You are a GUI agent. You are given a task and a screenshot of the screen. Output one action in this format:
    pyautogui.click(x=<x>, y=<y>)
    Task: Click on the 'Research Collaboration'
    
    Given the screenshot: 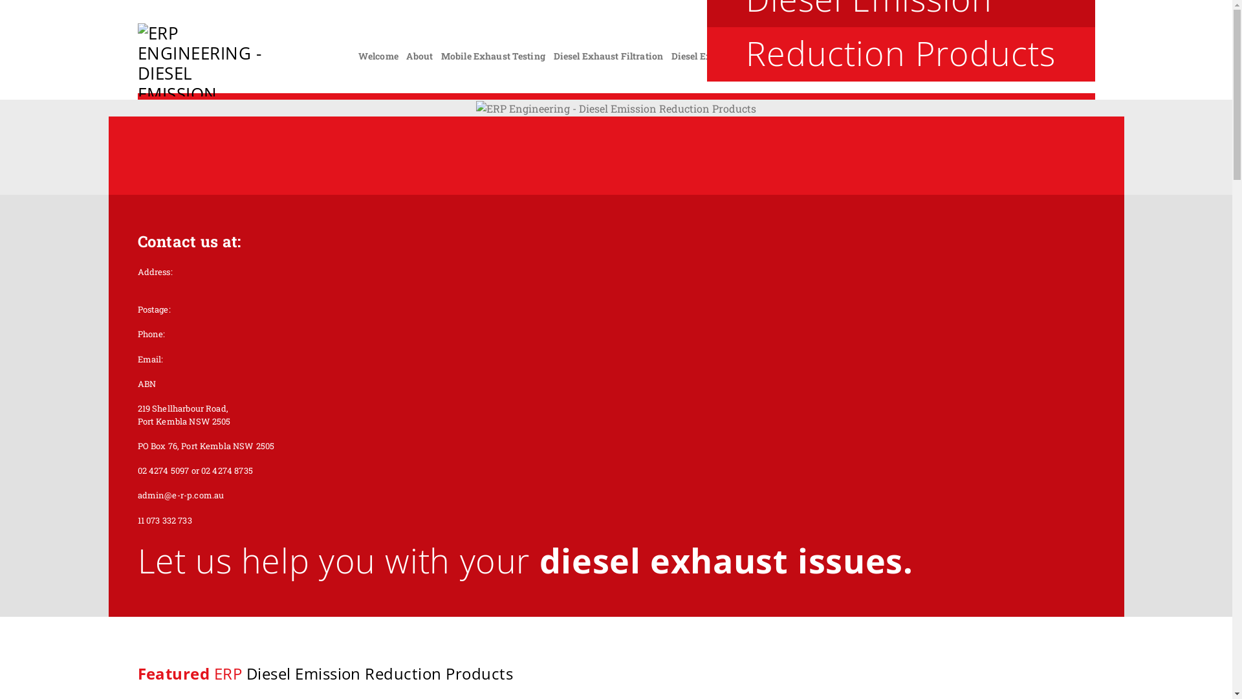 What is the action you would take?
    pyautogui.click(x=920, y=56)
    